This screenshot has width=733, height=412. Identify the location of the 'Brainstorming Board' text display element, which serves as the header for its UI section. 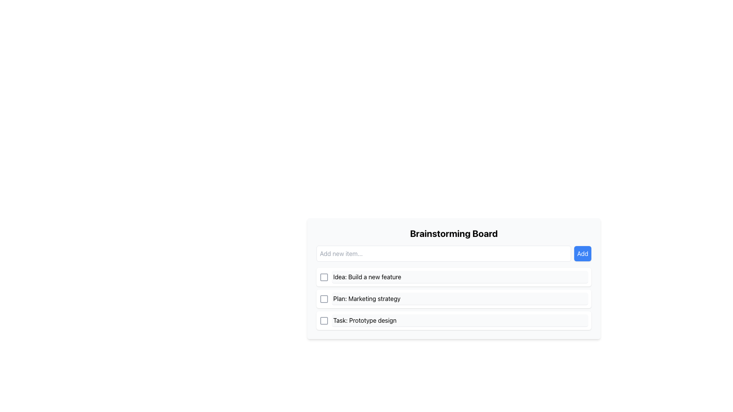
(454, 233).